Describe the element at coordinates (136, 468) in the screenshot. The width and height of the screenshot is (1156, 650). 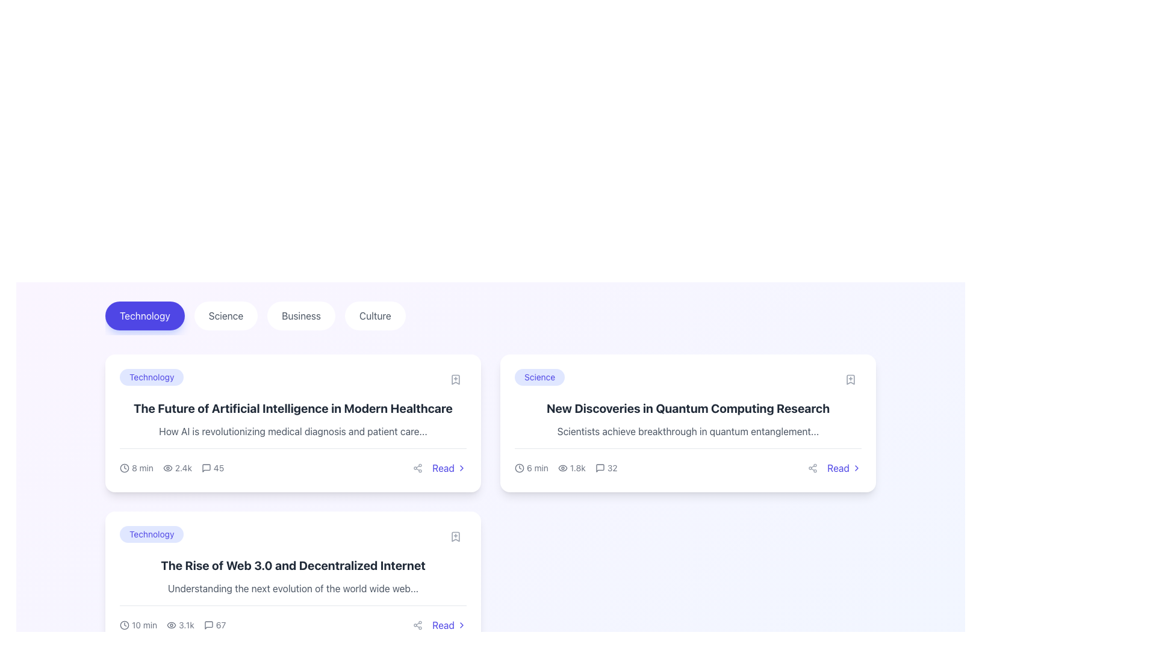
I see `the clock icon with the text '8 min' located at the far left side of its group below the title and description of the first article card` at that location.